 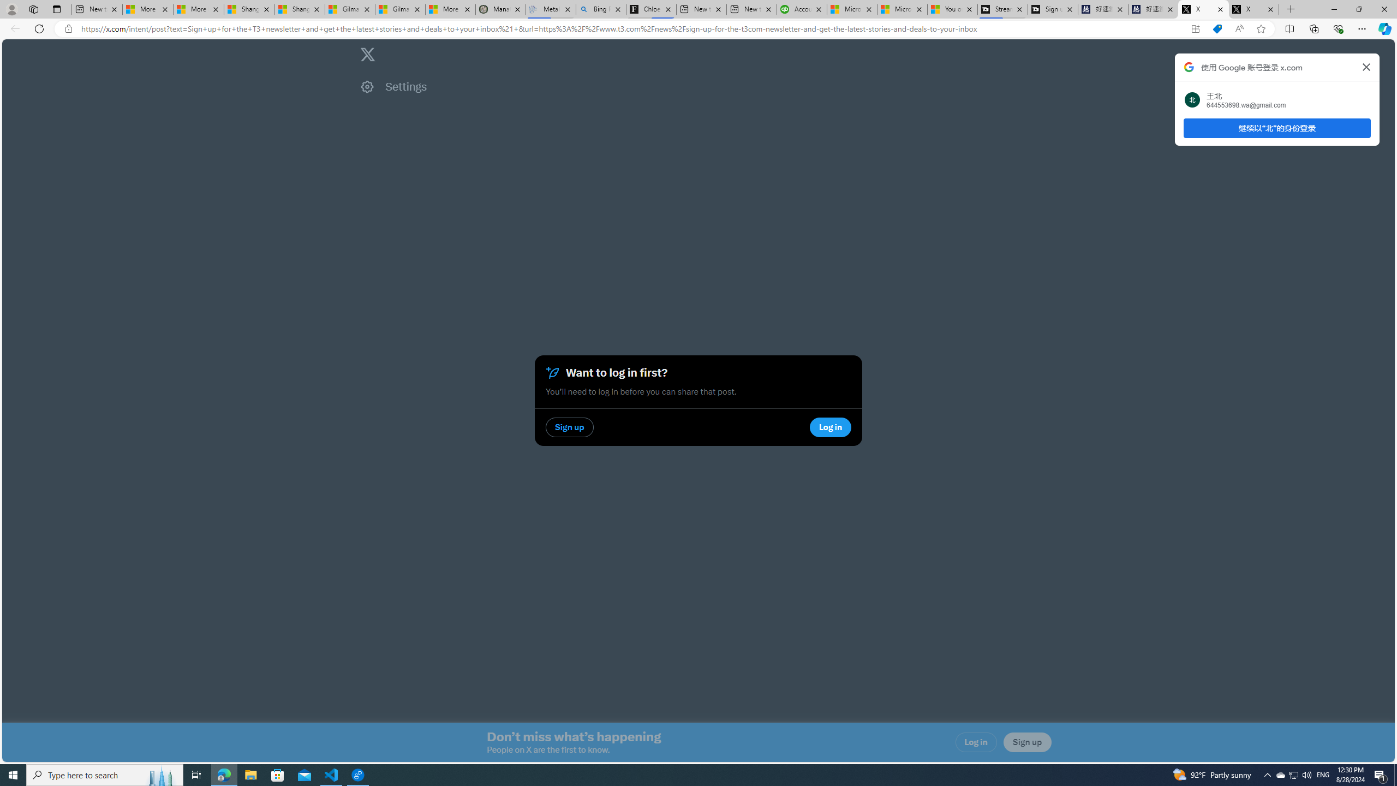 What do you see at coordinates (1365, 67) in the screenshot?
I see `'Class: Bz112c Bz112c-r9oPif'` at bounding box center [1365, 67].